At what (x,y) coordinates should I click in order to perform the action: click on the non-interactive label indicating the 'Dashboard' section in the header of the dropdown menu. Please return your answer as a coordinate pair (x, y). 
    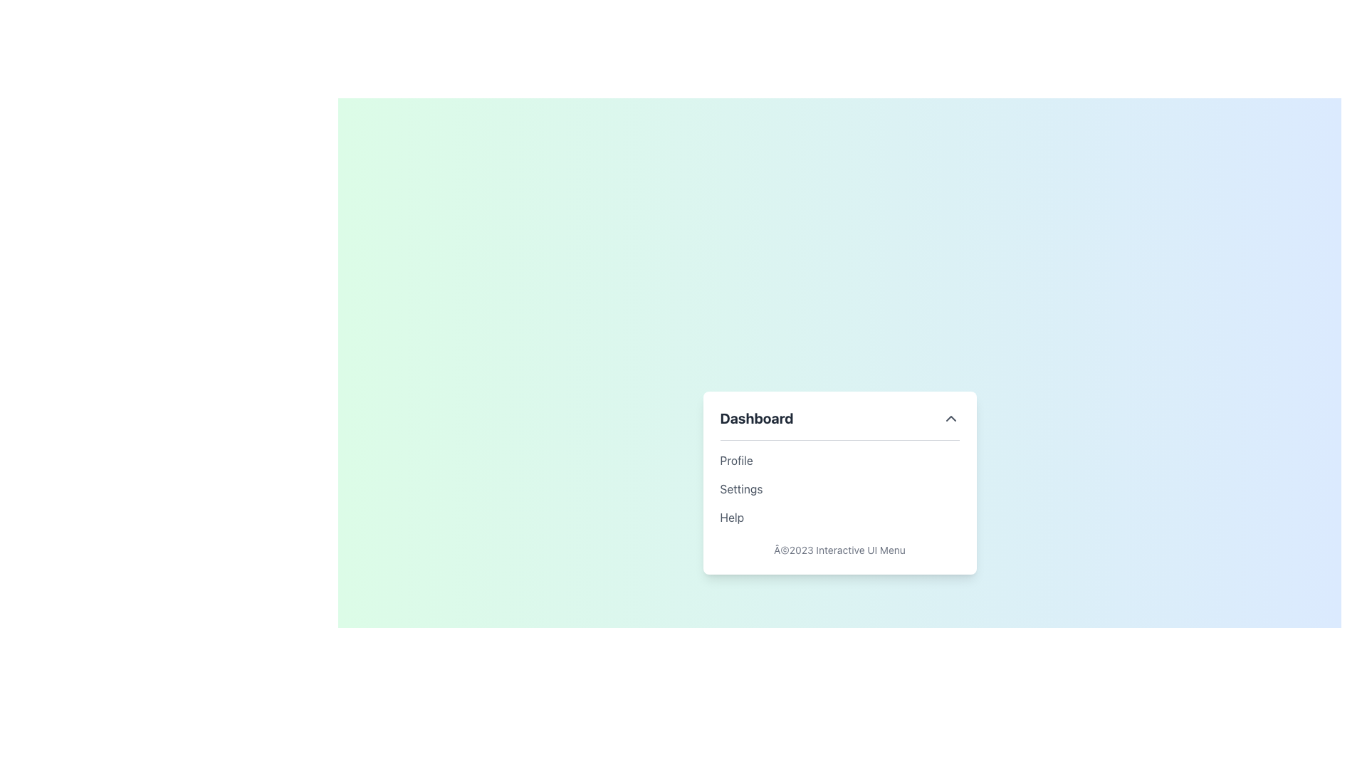
    Looking at the image, I should click on (756, 417).